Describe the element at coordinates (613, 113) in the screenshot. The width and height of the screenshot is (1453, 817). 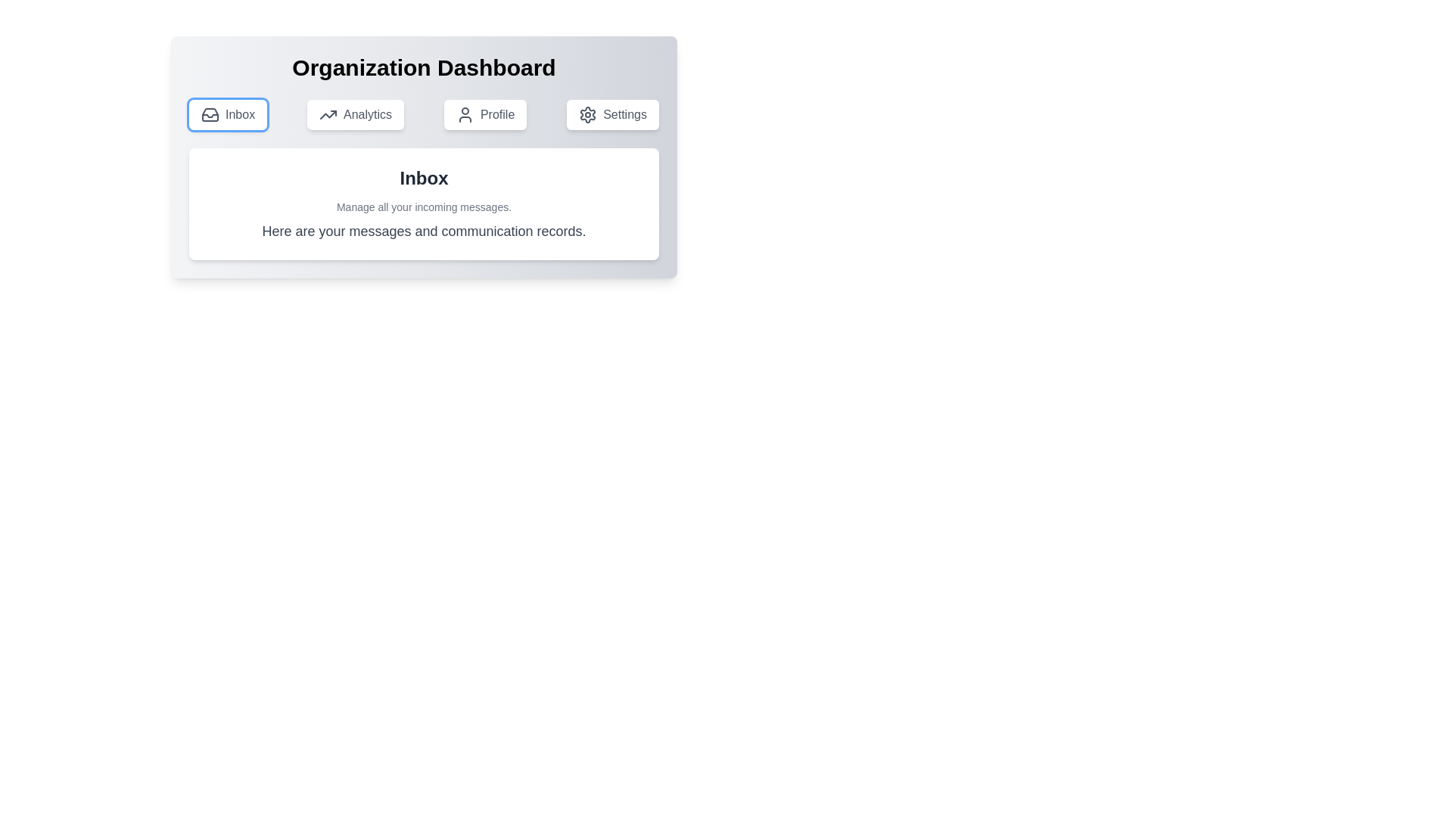
I see `the fourth button in the horizontal navigation row` at that location.